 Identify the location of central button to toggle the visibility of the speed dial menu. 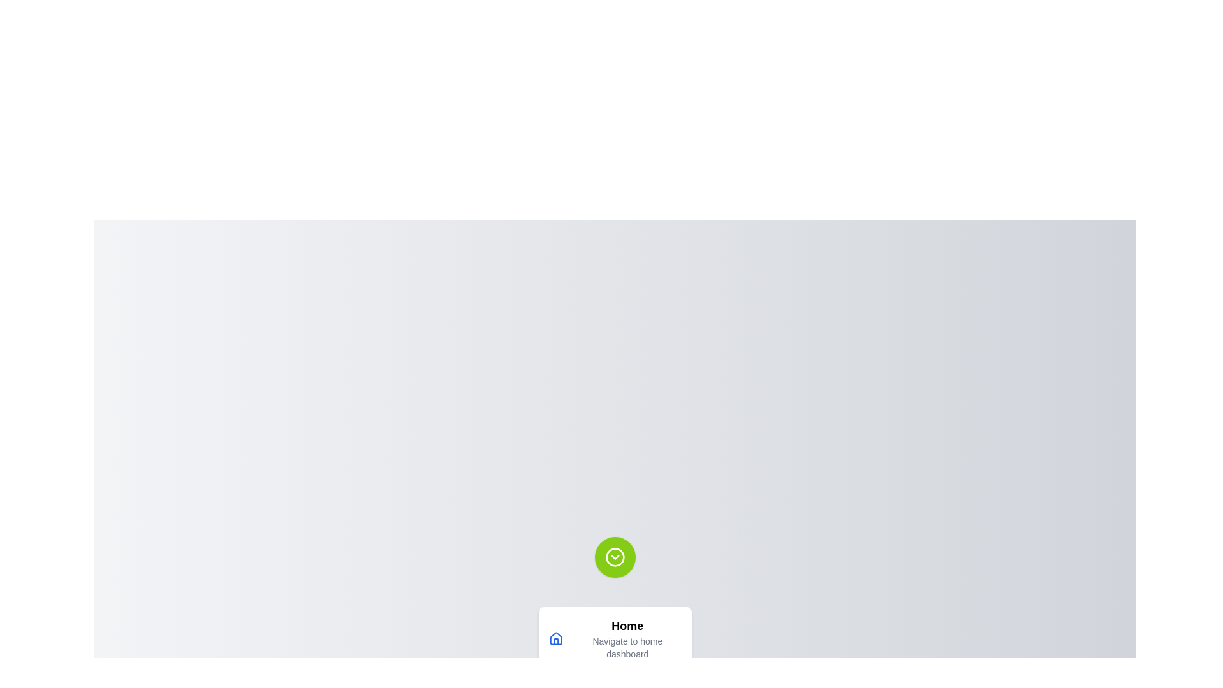
(615, 557).